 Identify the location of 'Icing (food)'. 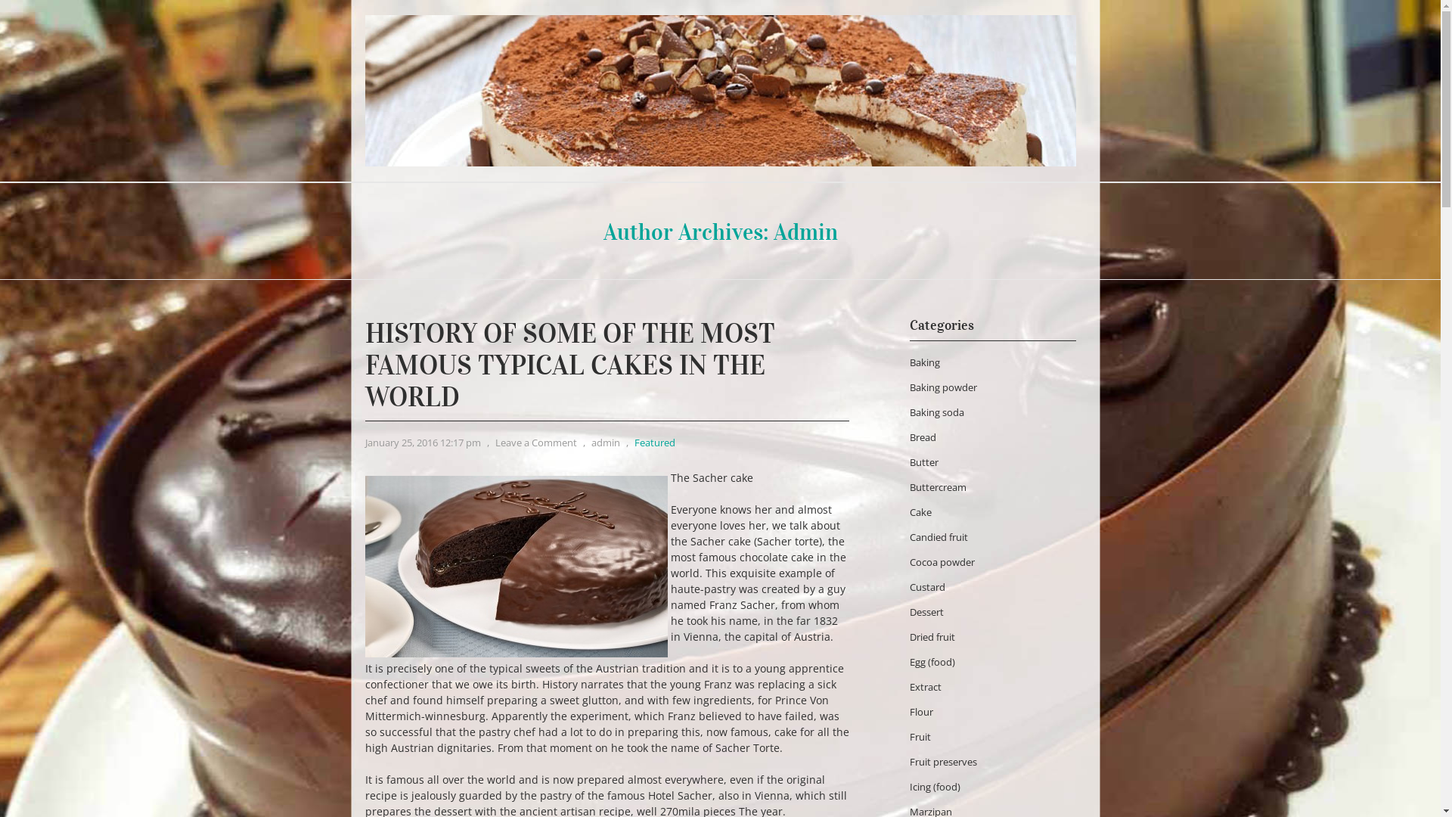
(907, 786).